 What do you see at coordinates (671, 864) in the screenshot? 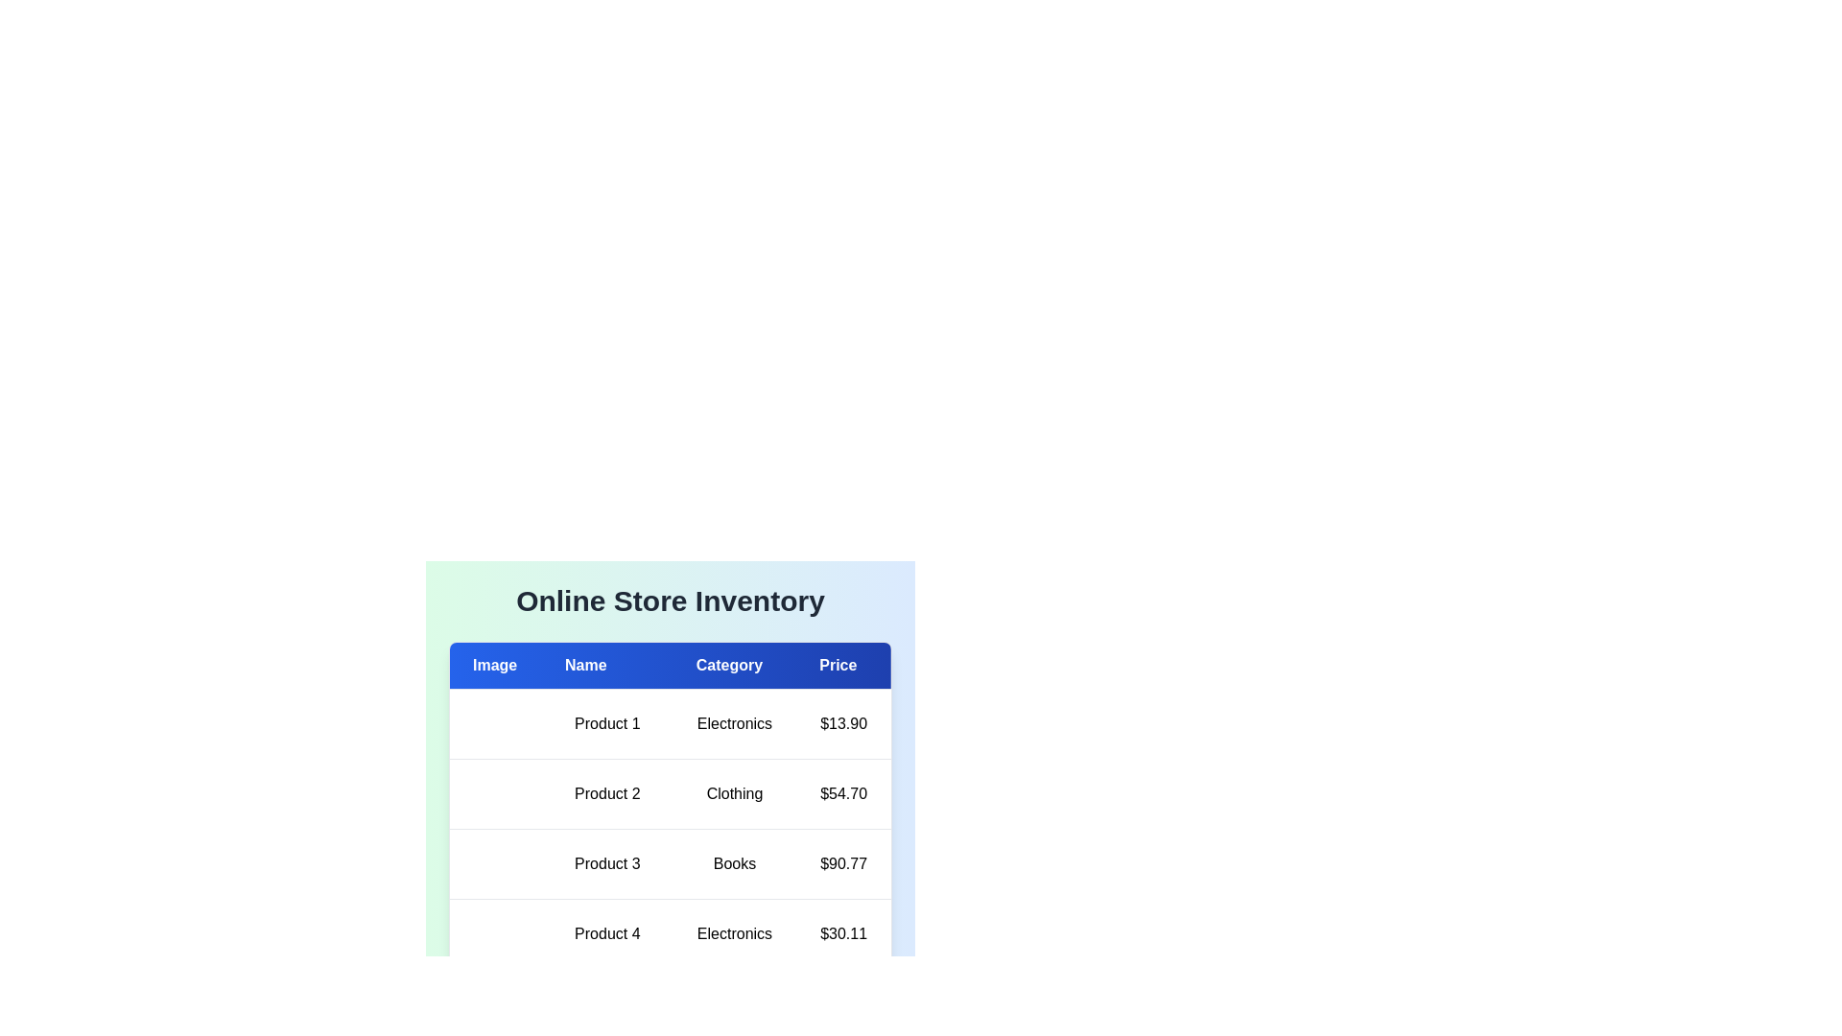
I see `the row of the product with name Product 3` at bounding box center [671, 864].